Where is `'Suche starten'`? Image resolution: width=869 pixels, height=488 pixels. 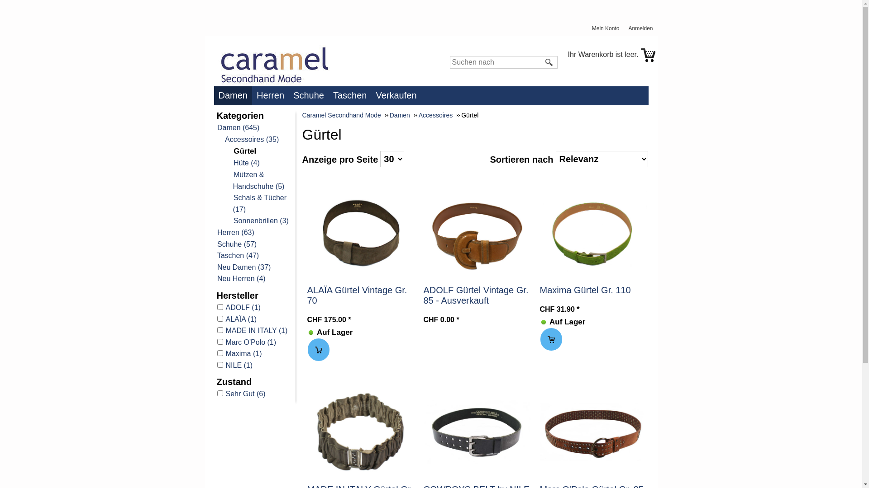
'Suche starten' is located at coordinates (549, 62).